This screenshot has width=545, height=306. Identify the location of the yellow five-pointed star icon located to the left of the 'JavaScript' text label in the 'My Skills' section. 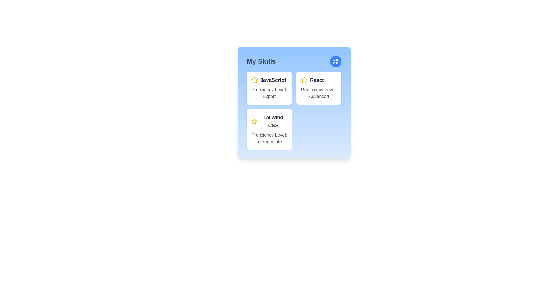
(254, 121).